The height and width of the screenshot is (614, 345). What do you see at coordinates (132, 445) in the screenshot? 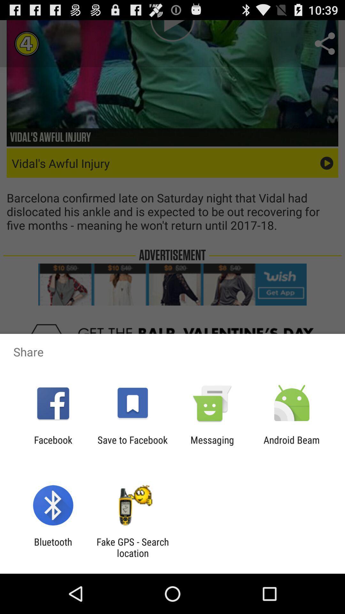
I see `save to facebook item` at bounding box center [132, 445].